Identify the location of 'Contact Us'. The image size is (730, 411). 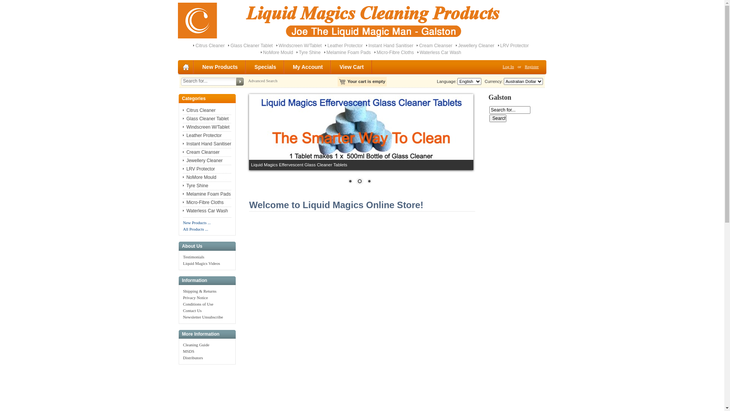
(192, 311).